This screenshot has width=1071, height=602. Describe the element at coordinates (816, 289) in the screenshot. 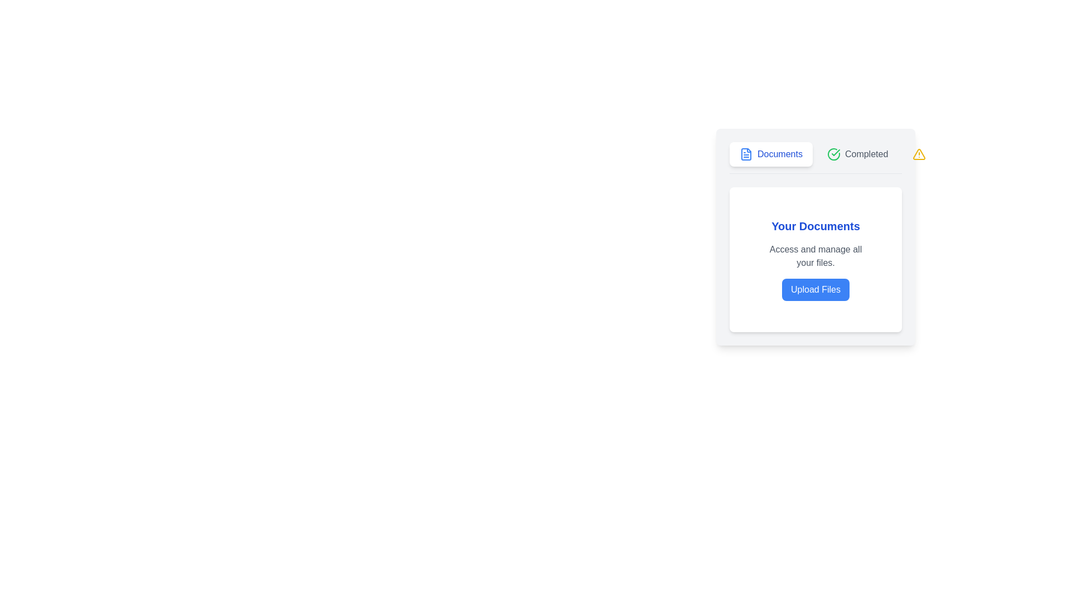

I see `the rectangular button with rounded edges that has a blue background and white text reading 'Upload Files' to initiate the file upload` at that location.